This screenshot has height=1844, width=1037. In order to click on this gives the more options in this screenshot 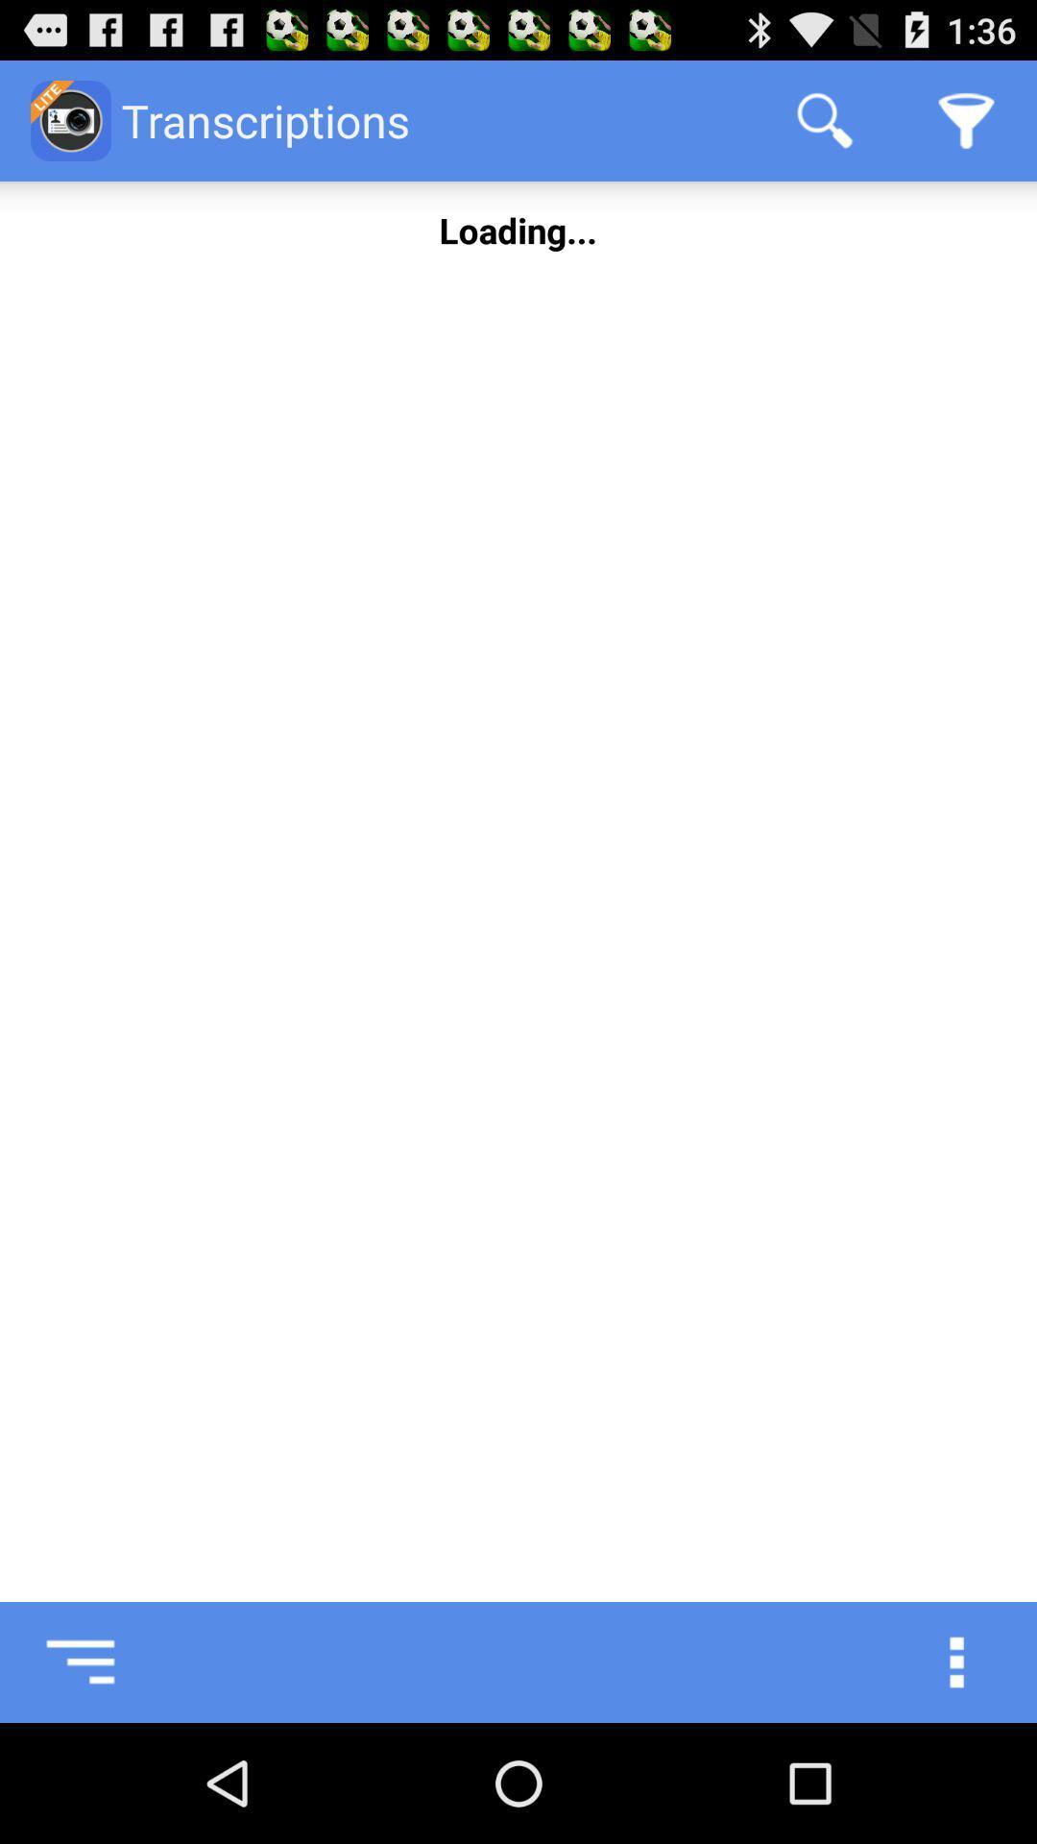, I will do `click(977, 1662)`.